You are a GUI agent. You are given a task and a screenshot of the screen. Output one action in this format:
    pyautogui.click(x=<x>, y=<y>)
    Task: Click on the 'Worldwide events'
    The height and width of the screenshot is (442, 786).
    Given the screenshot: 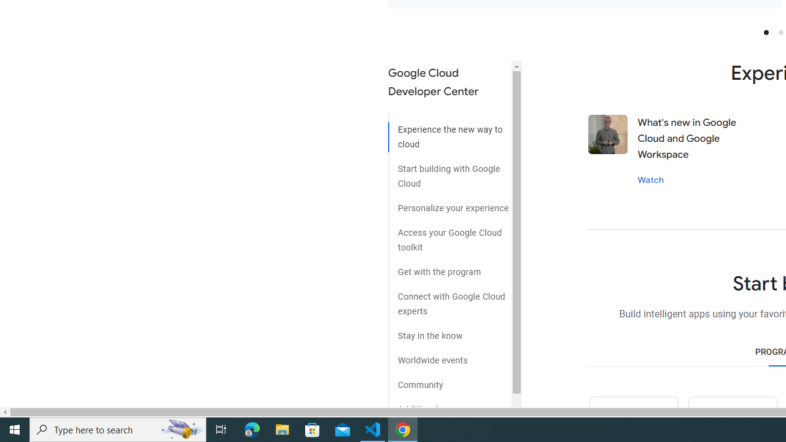 What is the action you would take?
    pyautogui.click(x=449, y=355)
    